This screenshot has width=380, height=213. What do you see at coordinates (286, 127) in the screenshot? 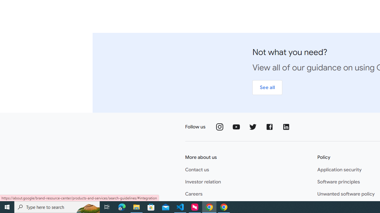
I see `'Follow us on Linkedin'` at bounding box center [286, 127].